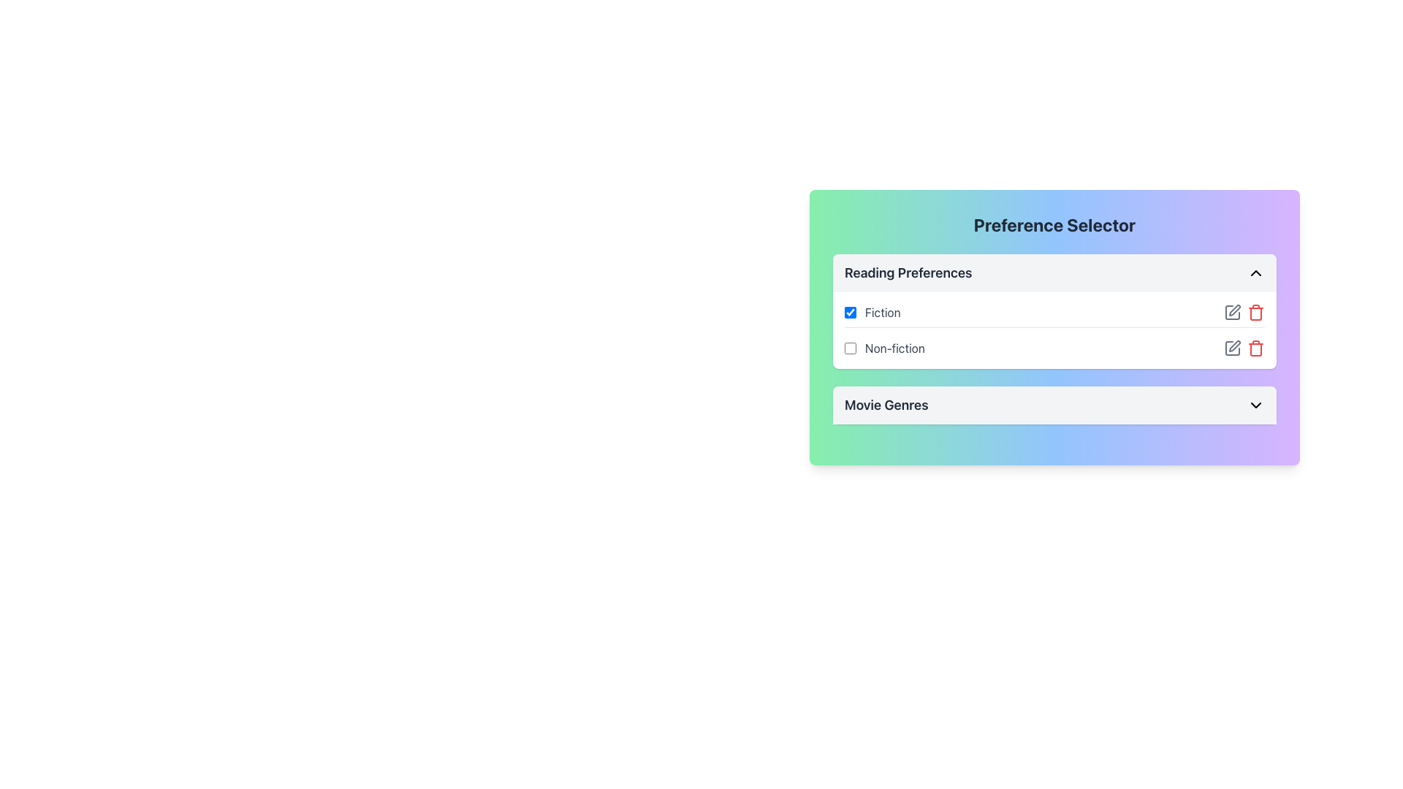  What do you see at coordinates (1244, 348) in the screenshot?
I see `the icon group consisting of a pen icon for editing and a trash icon for deleting, located in the 'Non-fiction' row under the 'Reading Preferences' section` at bounding box center [1244, 348].